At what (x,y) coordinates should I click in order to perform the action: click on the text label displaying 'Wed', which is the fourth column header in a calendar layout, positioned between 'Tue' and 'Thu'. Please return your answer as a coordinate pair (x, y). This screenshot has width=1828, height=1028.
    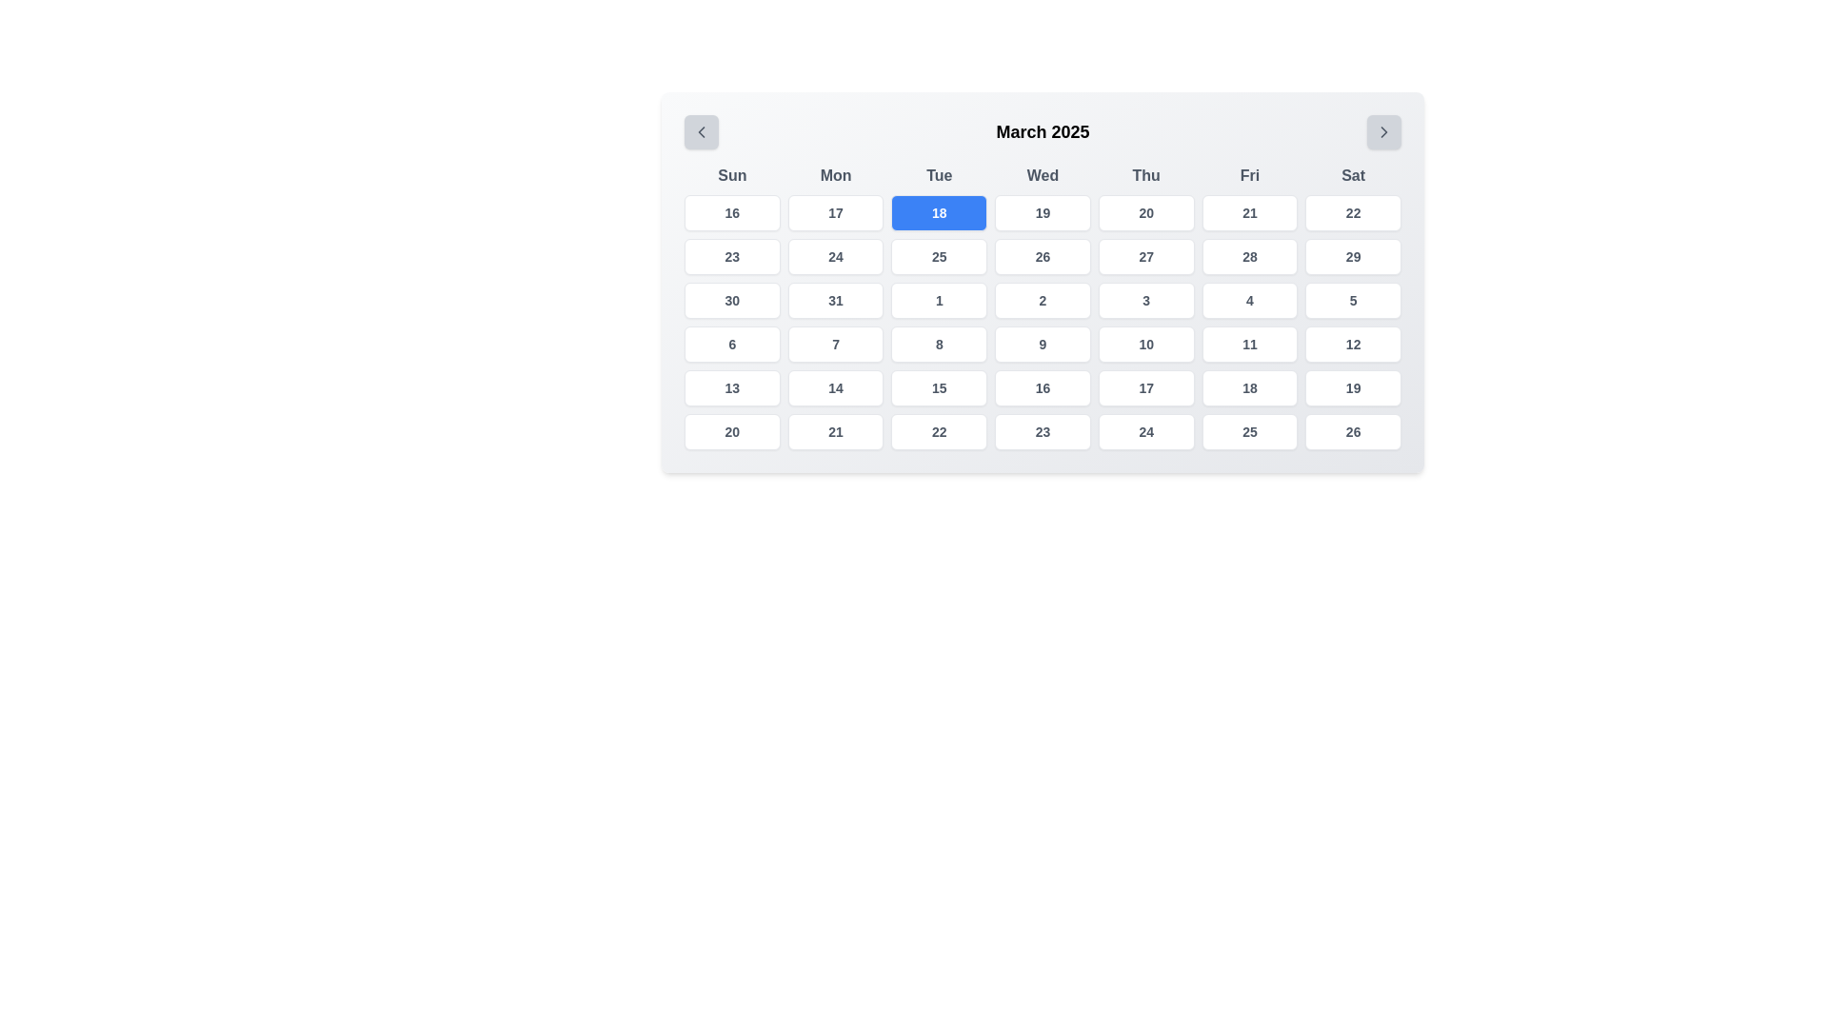
    Looking at the image, I should click on (1042, 176).